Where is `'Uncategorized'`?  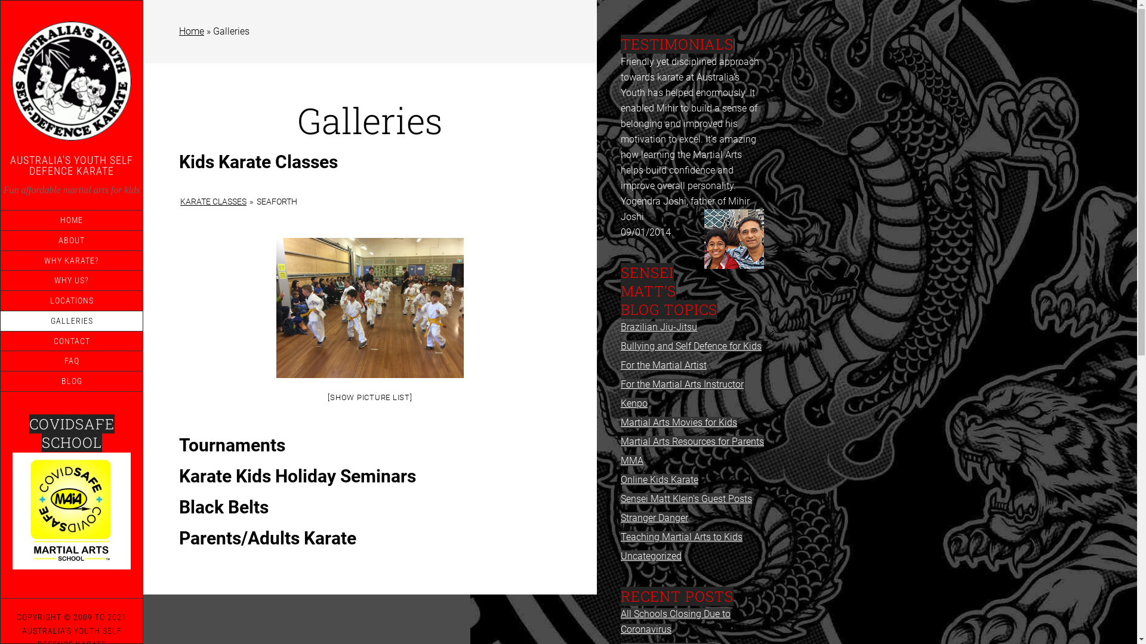
'Uncategorized' is located at coordinates (650, 556).